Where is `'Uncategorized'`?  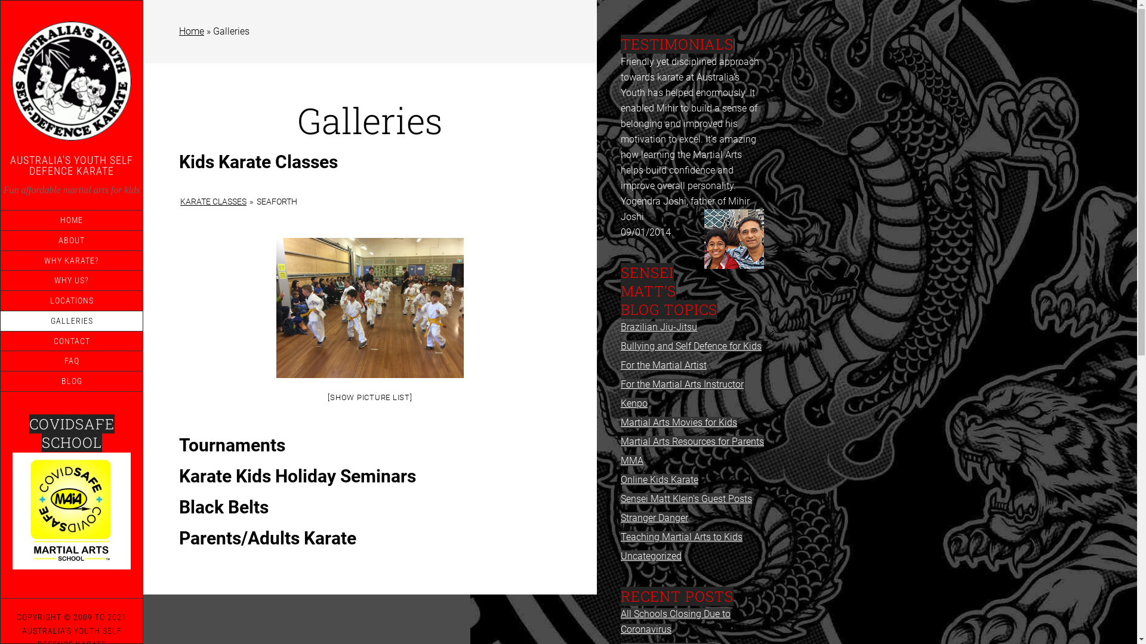
'Uncategorized' is located at coordinates (650, 556).